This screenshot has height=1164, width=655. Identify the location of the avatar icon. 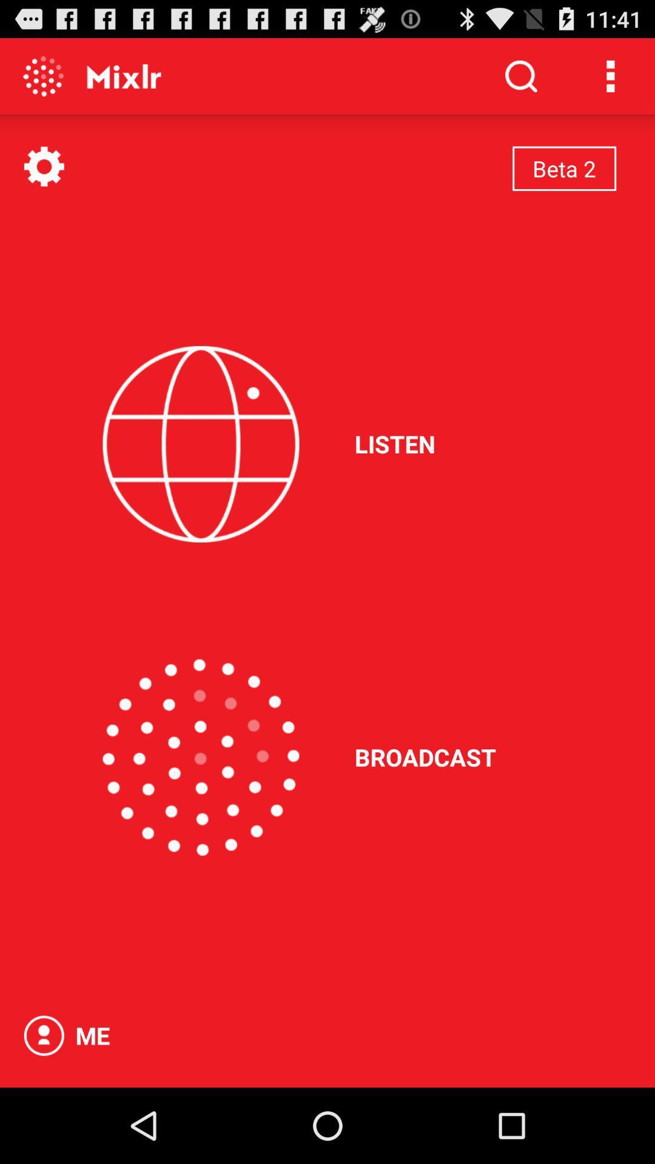
(43, 1108).